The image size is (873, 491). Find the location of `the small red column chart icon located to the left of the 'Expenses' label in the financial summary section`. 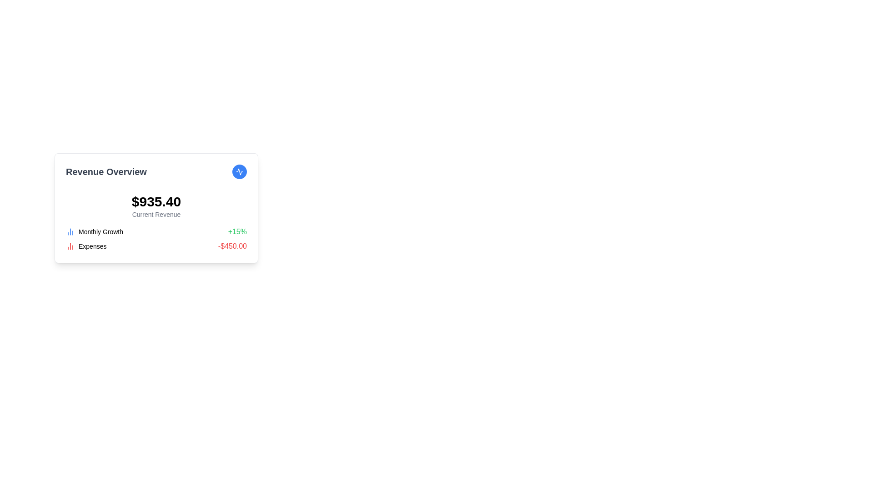

the small red column chart icon located to the left of the 'Expenses' label in the financial summary section is located at coordinates (70, 246).